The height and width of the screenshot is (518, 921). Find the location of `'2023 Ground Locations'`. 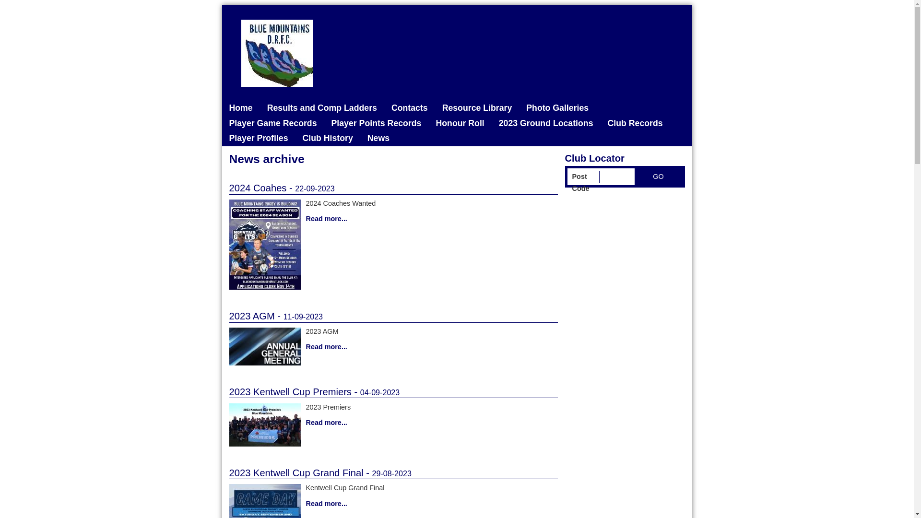

'2023 Ground Locations' is located at coordinates (546, 123).